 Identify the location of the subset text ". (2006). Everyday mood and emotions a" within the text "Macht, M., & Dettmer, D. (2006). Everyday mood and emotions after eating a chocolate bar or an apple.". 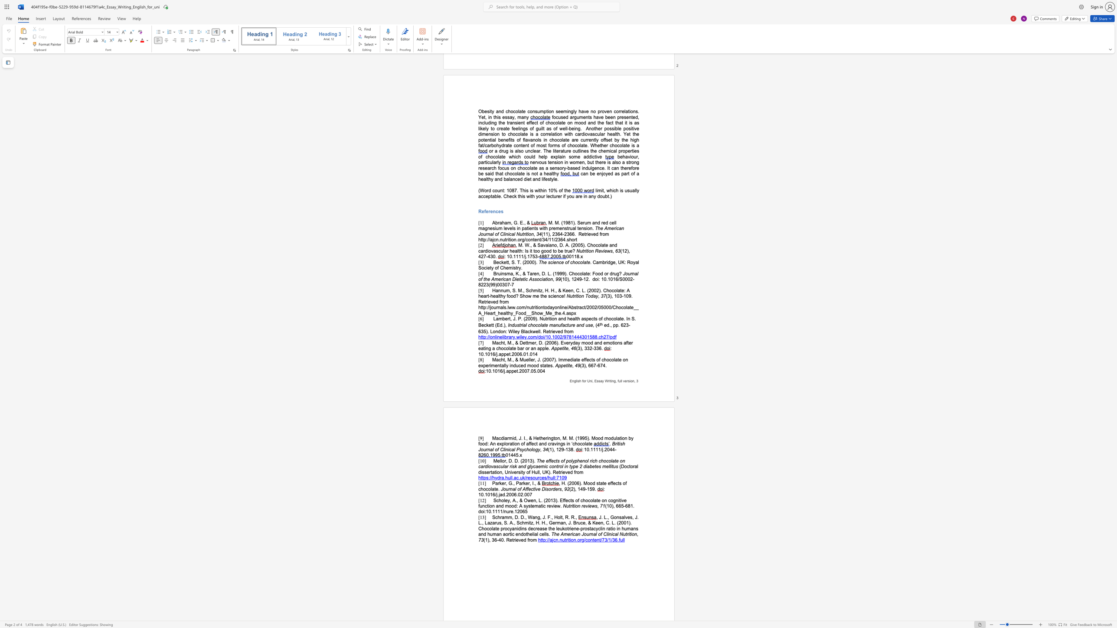
(542, 342).